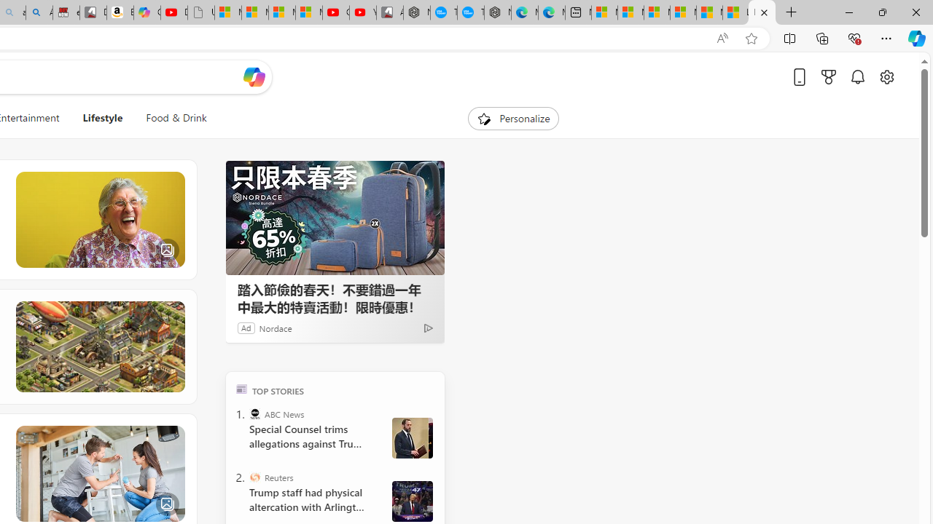 The height and width of the screenshot is (524, 933). Describe the element at coordinates (428, 327) in the screenshot. I see `'Ad Choice'` at that location.